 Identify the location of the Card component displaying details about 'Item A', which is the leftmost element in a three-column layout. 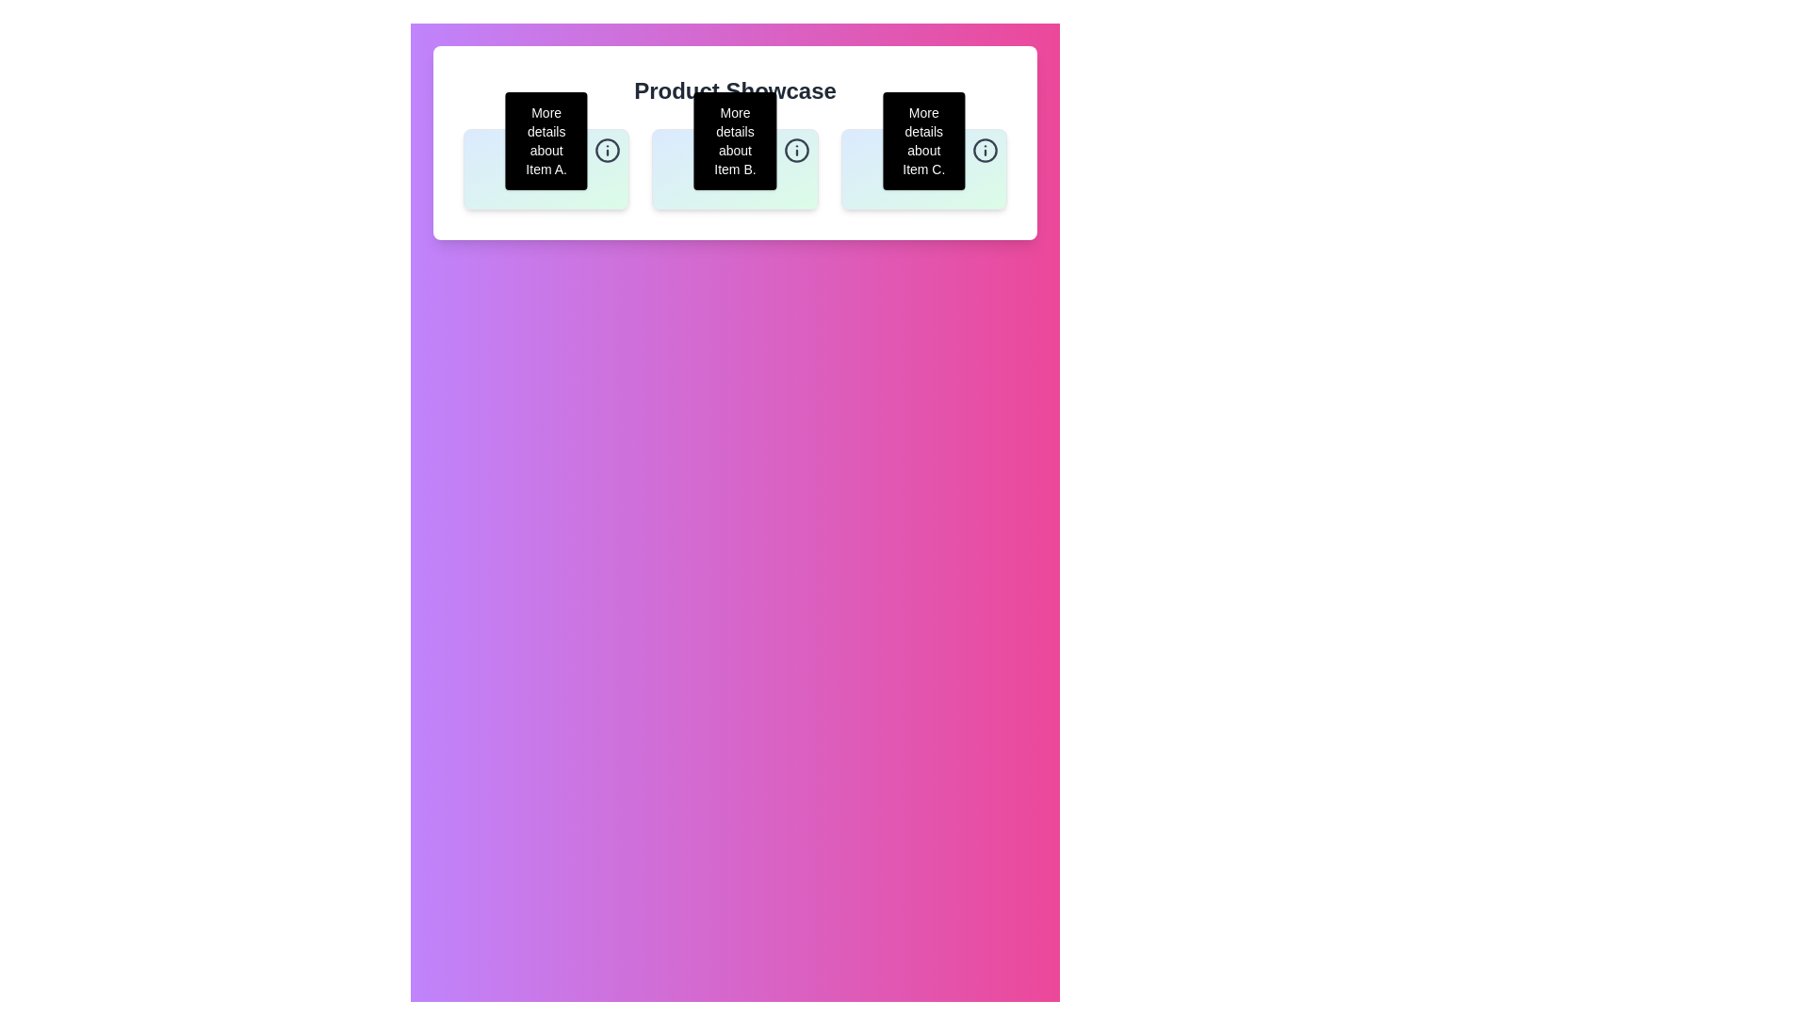
(546, 169).